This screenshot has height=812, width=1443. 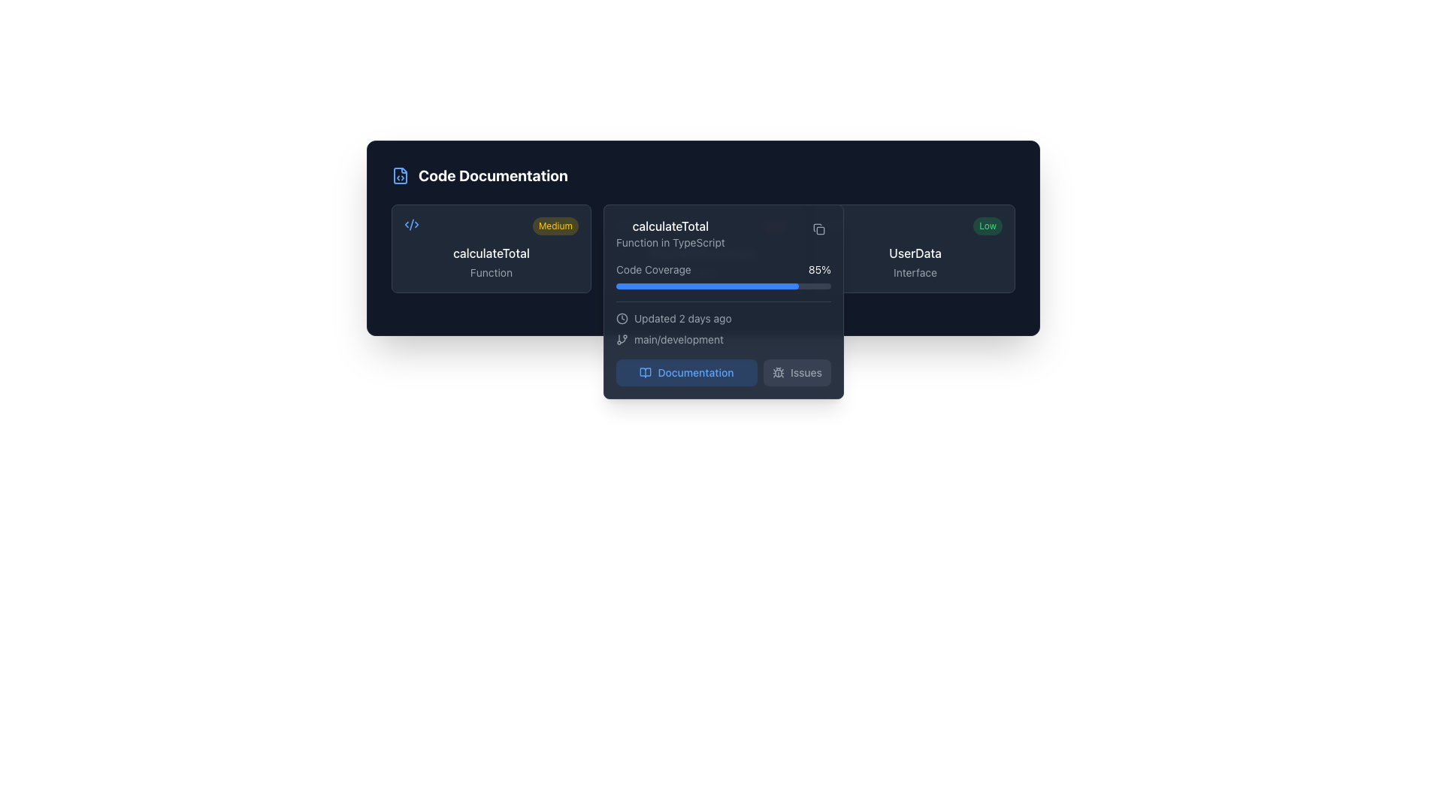 I want to click on the static text label indicating the code coverage percentage, which is located to the right of the 'Code Coverage' label, so click(x=818, y=268).